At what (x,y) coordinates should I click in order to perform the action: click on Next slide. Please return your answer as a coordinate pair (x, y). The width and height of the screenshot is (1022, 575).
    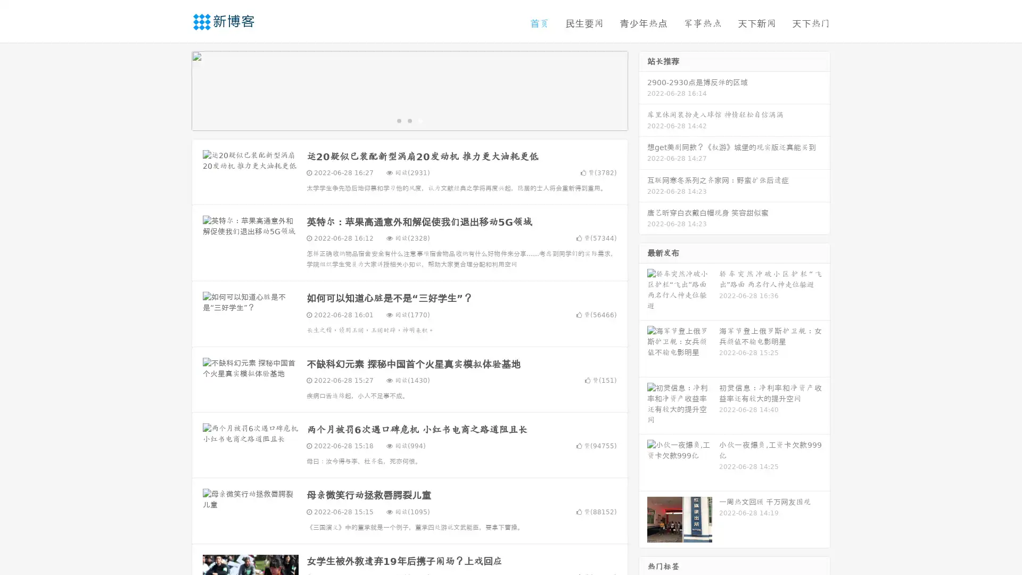
    Looking at the image, I should click on (643, 89).